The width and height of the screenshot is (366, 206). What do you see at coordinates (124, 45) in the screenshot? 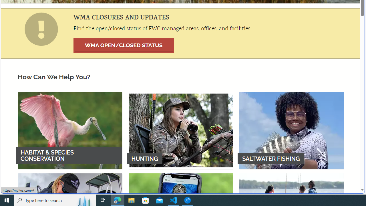
I see `'WMA OPEN/CLOSED STATUS'` at bounding box center [124, 45].